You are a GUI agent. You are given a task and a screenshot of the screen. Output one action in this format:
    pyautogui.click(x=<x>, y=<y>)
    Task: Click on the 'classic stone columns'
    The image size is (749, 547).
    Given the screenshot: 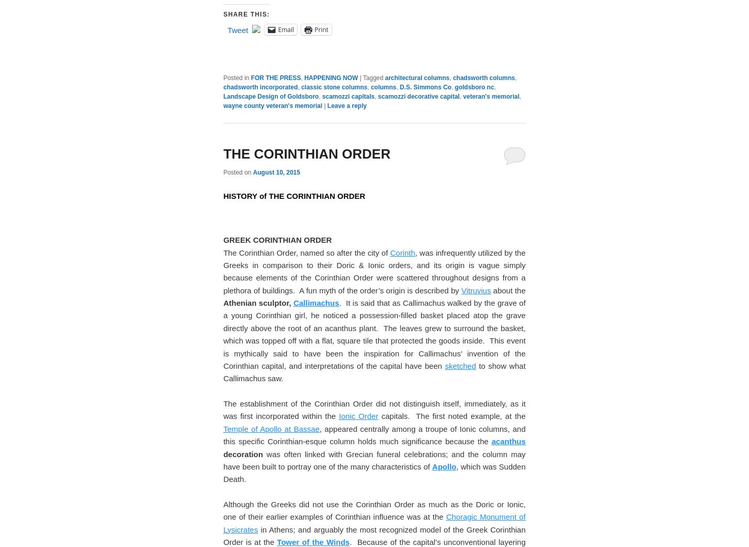 What is the action you would take?
    pyautogui.click(x=333, y=408)
    